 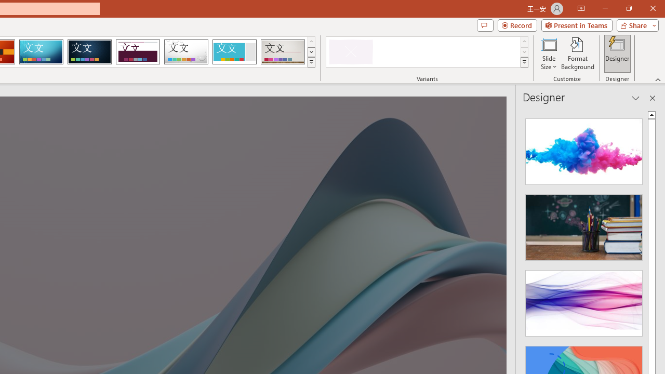 What do you see at coordinates (137, 52) in the screenshot?
I see `'Dividend'` at bounding box center [137, 52].